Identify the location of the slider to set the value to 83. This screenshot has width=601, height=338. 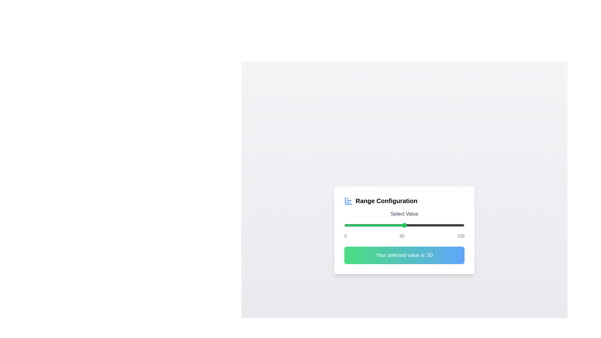
(444, 225).